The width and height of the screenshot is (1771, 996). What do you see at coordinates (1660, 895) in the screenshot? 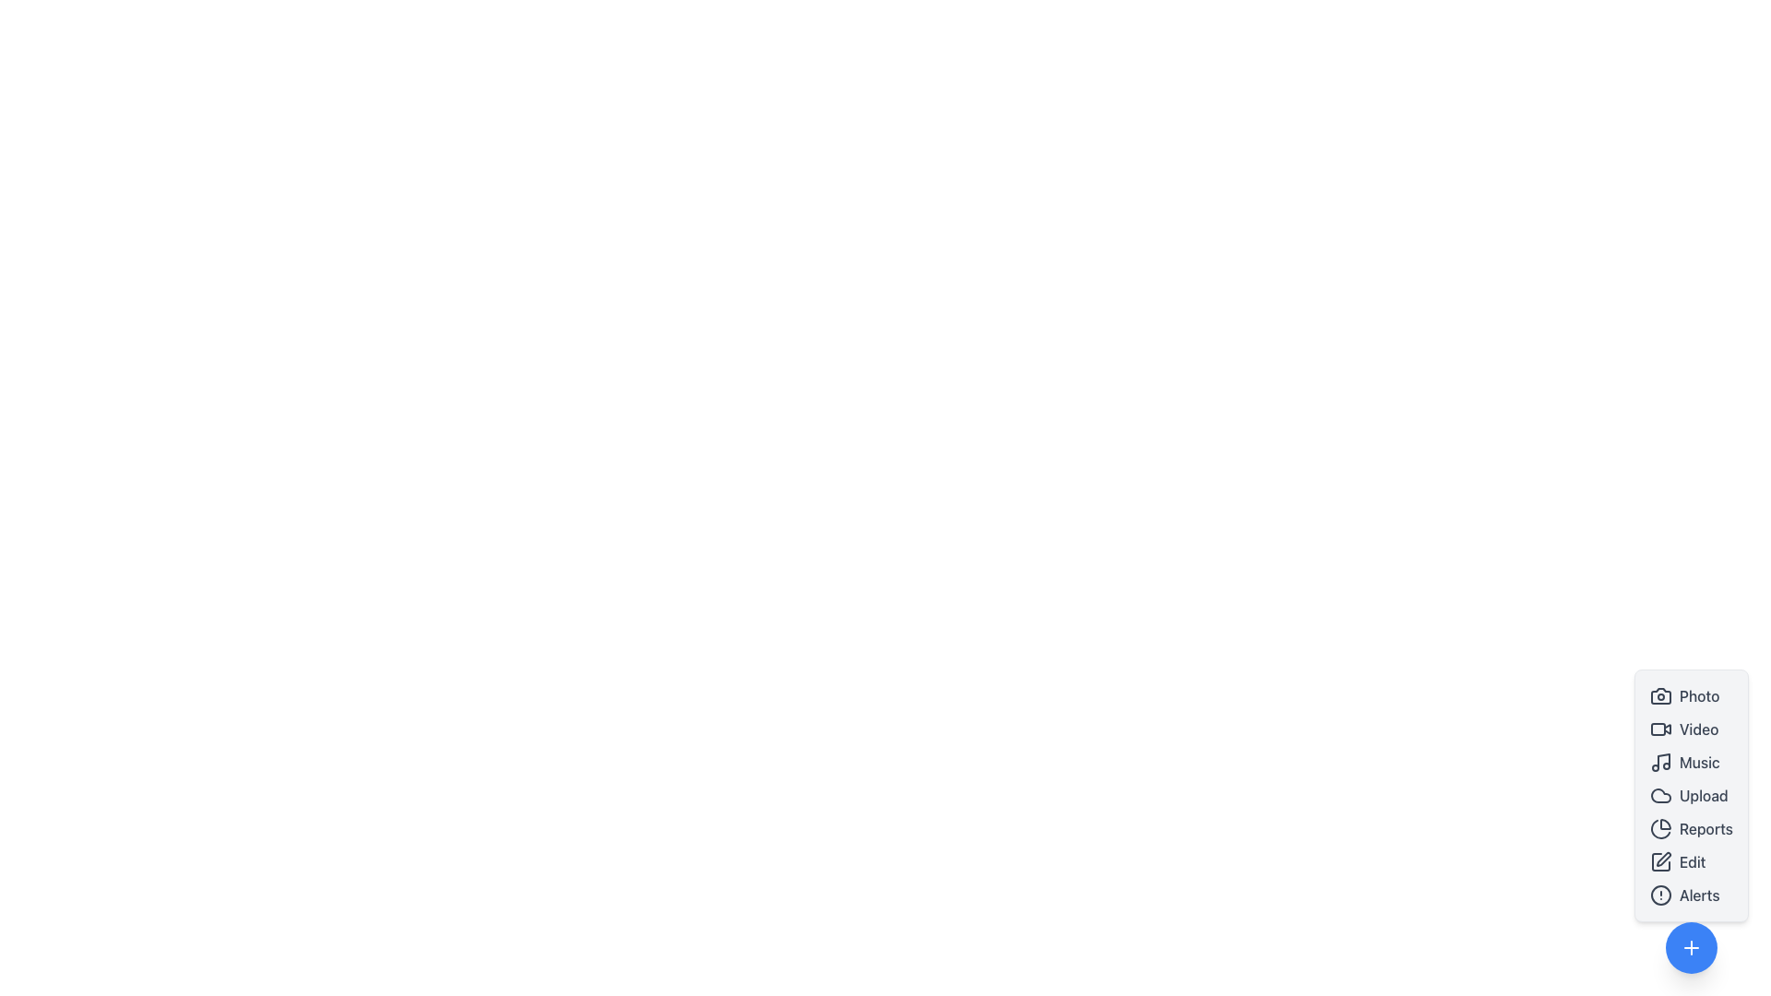
I see `the SVG Circle located at the center of the alert symbol in the bottom-right corner of the interface` at bounding box center [1660, 895].